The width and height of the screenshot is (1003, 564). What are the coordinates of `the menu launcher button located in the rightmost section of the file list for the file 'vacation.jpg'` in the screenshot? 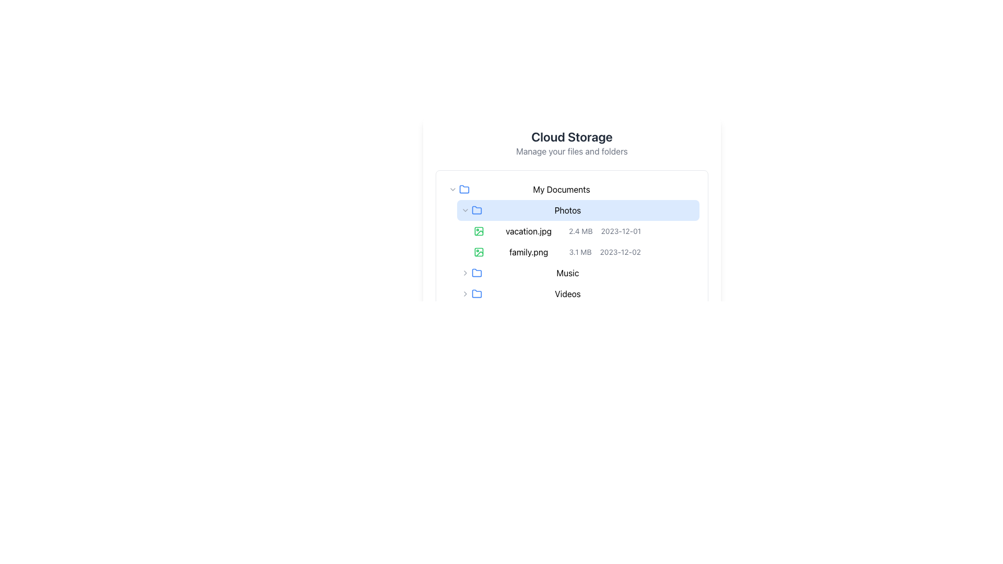 It's located at (691, 231).